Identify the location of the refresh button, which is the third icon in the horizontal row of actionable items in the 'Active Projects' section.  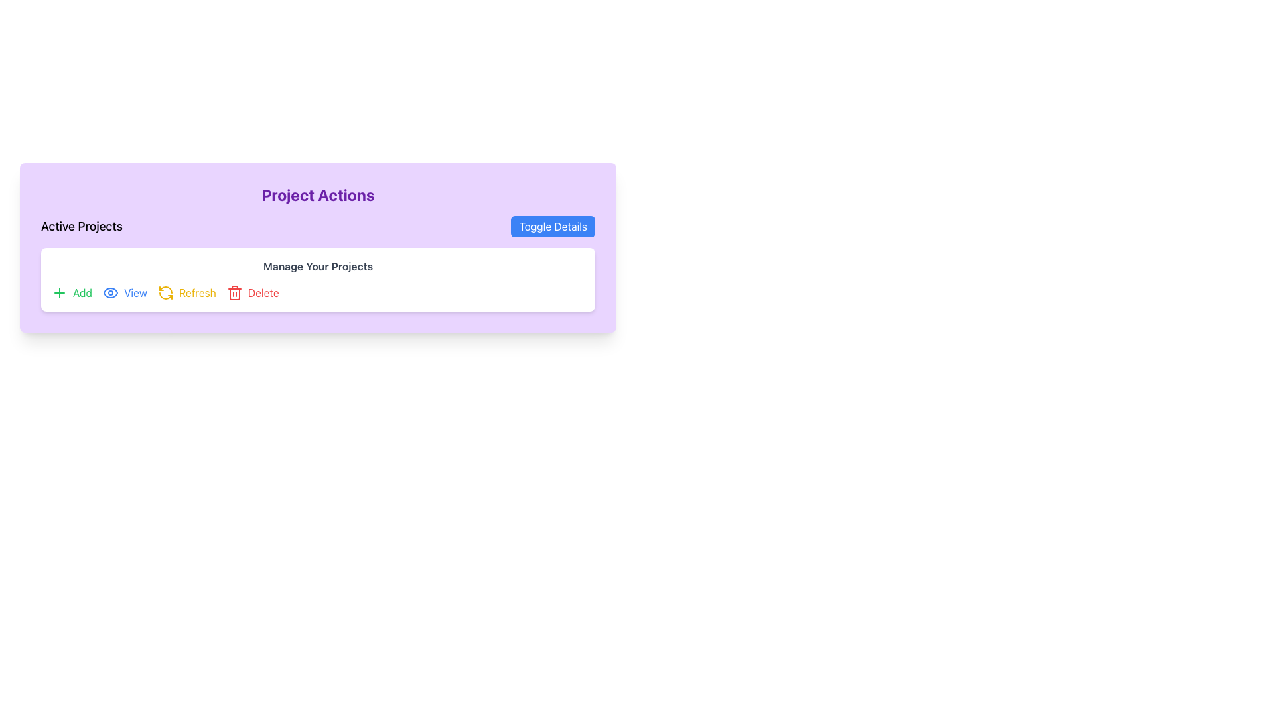
(165, 292).